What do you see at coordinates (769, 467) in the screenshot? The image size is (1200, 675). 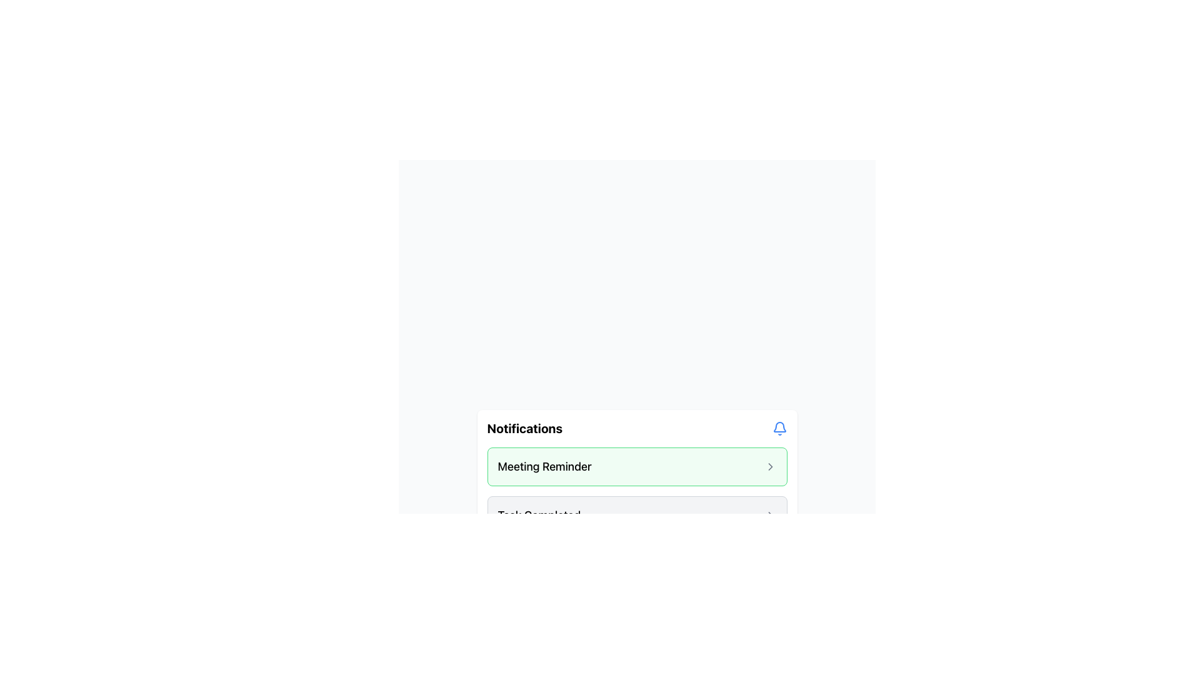 I see `the right-pointing chevron icon located at the rightmost end of the 'Meeting Reminder' notification item` at bounding box center [769, 467].